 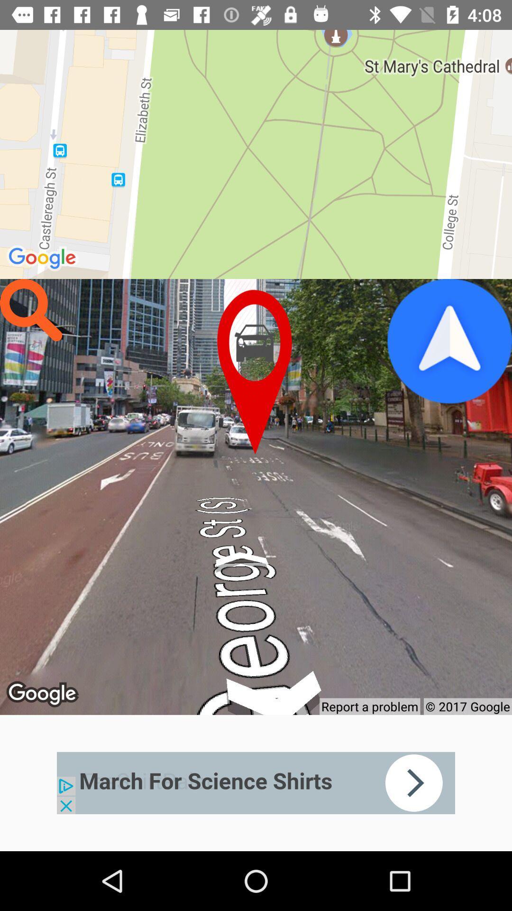 What do you see at coordinates (449, 341) in the screenshot?
I see `arrow sympol` at bounding box center [449, 341].